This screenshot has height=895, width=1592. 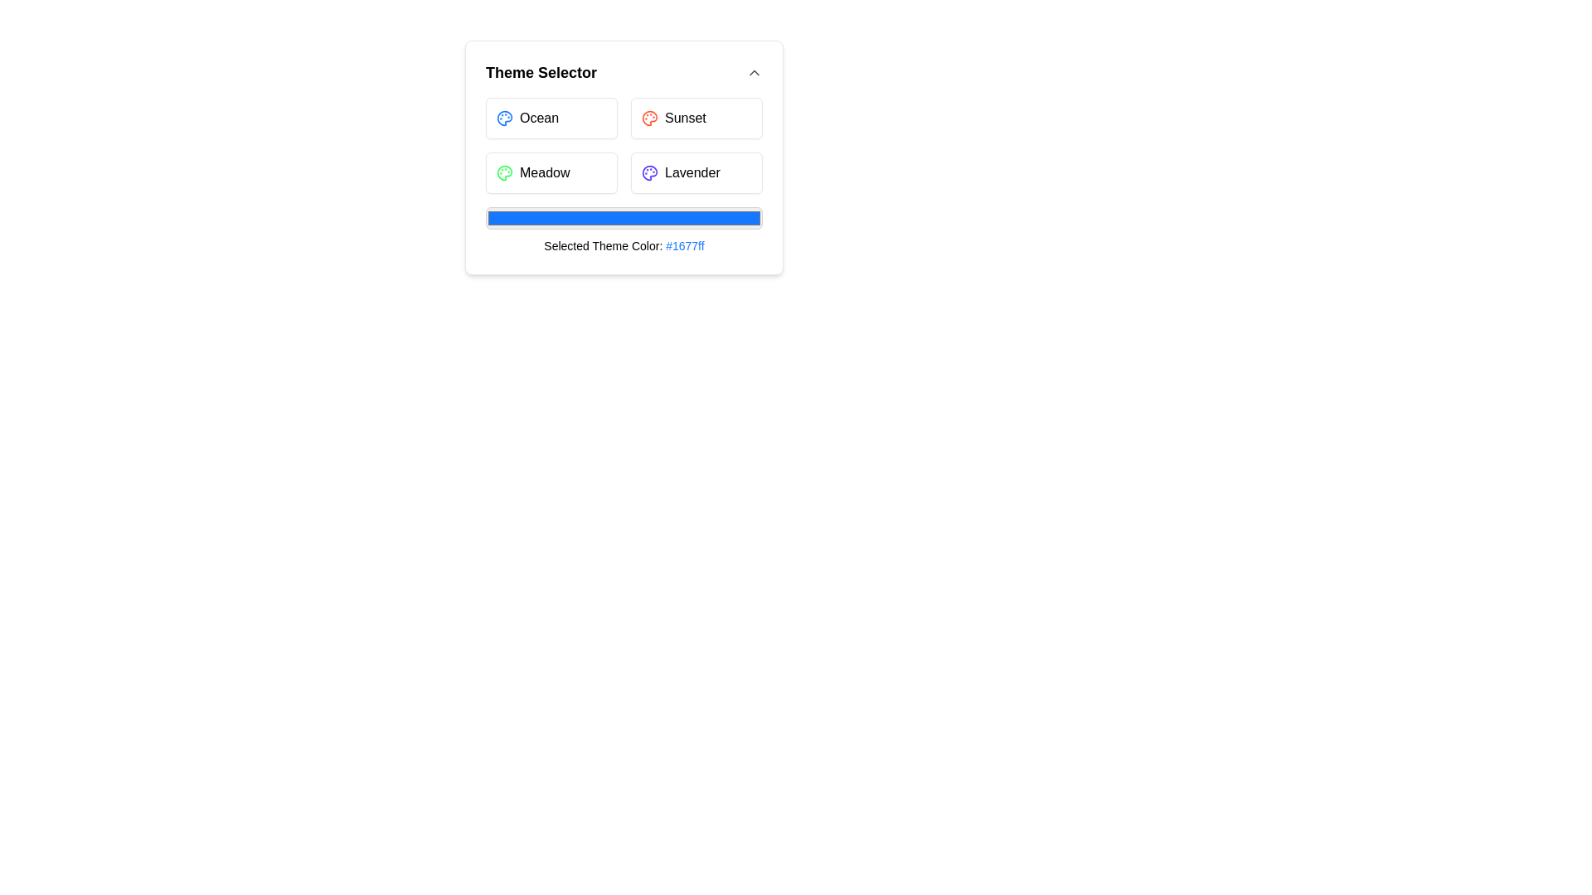 What do you see at coordinates (541, 72) in the screenshot?
I see `text from the 'Theme Selector' header, which is displayed in bold black font at the top-left corner of the theme selection card` at bounding box center [541, 72].